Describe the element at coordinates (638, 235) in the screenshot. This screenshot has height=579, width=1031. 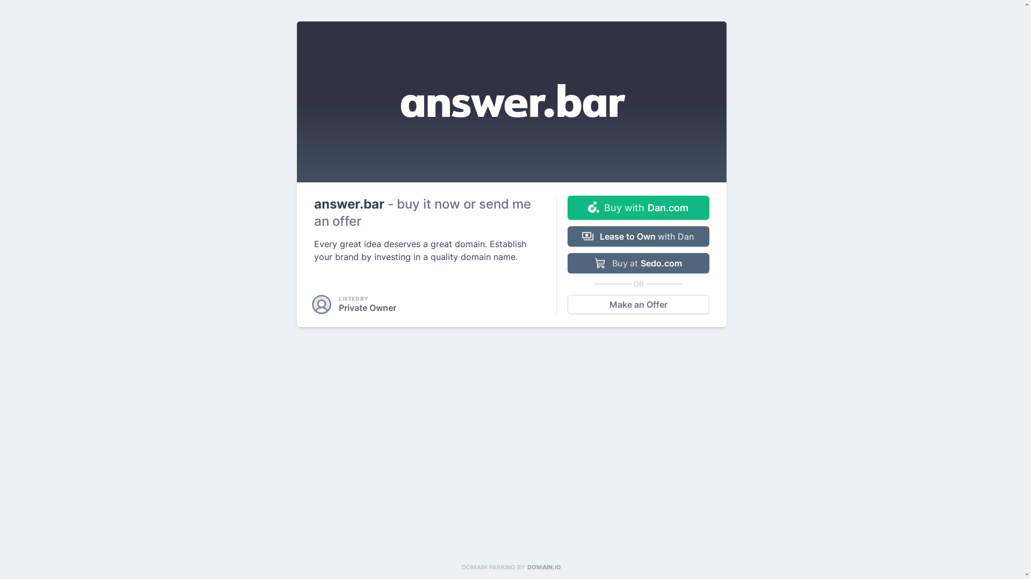
I see `'Lease to Own with Dan'` at that location.